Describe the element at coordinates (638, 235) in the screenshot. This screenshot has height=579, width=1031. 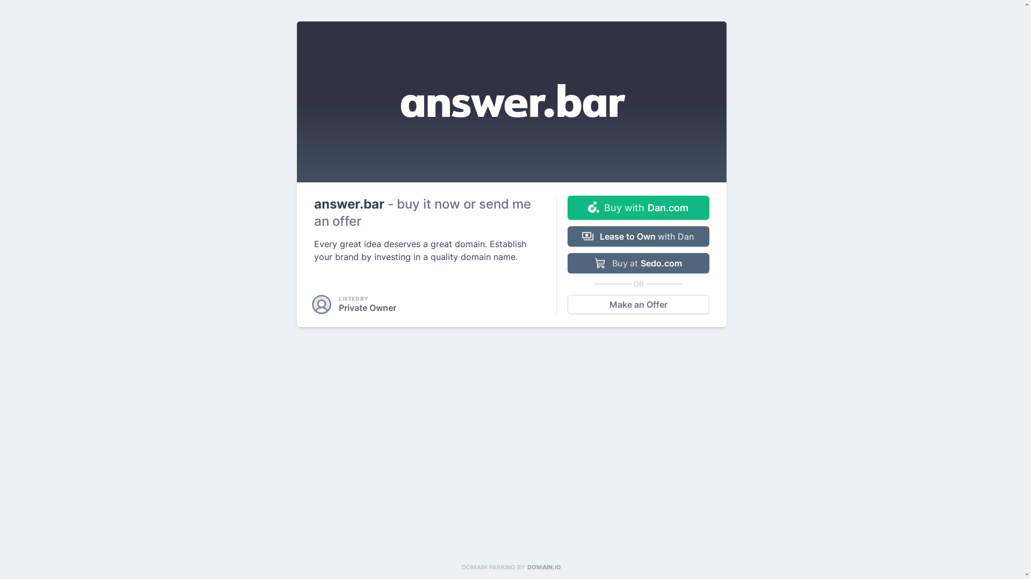
I see `'Lease to Own with Dan'` at that location.